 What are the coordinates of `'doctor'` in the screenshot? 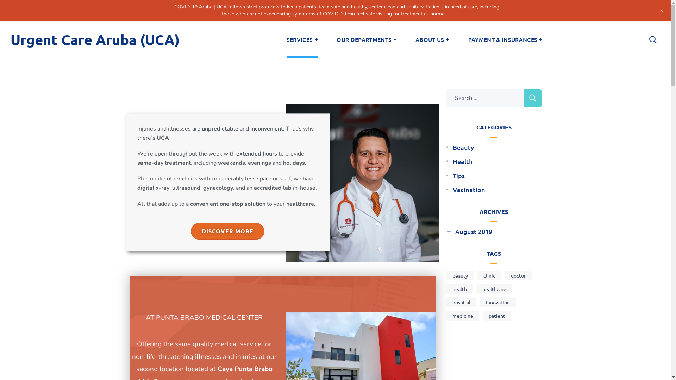 It's located at (518, 275).